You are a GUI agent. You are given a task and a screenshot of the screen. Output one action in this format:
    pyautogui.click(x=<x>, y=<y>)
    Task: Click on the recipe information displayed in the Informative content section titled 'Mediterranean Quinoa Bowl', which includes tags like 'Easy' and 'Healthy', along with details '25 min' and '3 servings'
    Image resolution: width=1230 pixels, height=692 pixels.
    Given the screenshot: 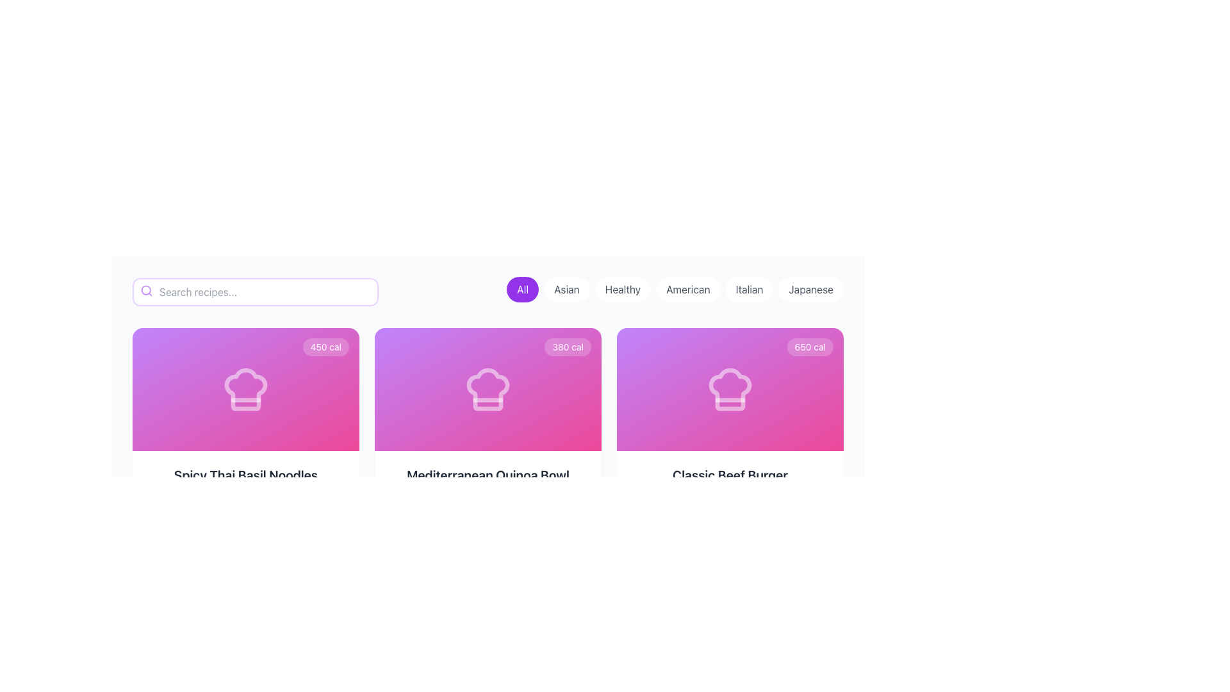 What is the action you would take?
    pyautogui.click(x=488, y=498)
    